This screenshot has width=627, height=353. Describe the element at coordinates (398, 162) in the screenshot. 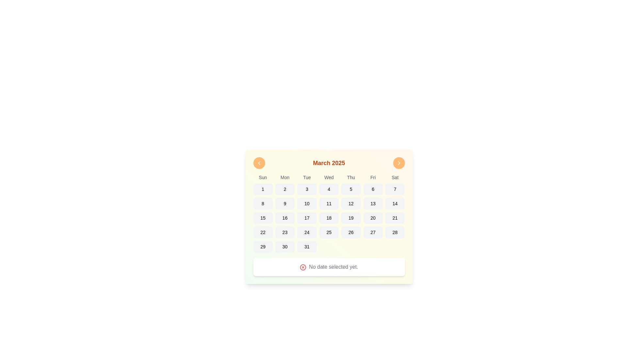

I see `the circular orange button with a right-facing arrow icon located at the far right of the header section of the calendar interface, next to 'March 2025'` at that location.